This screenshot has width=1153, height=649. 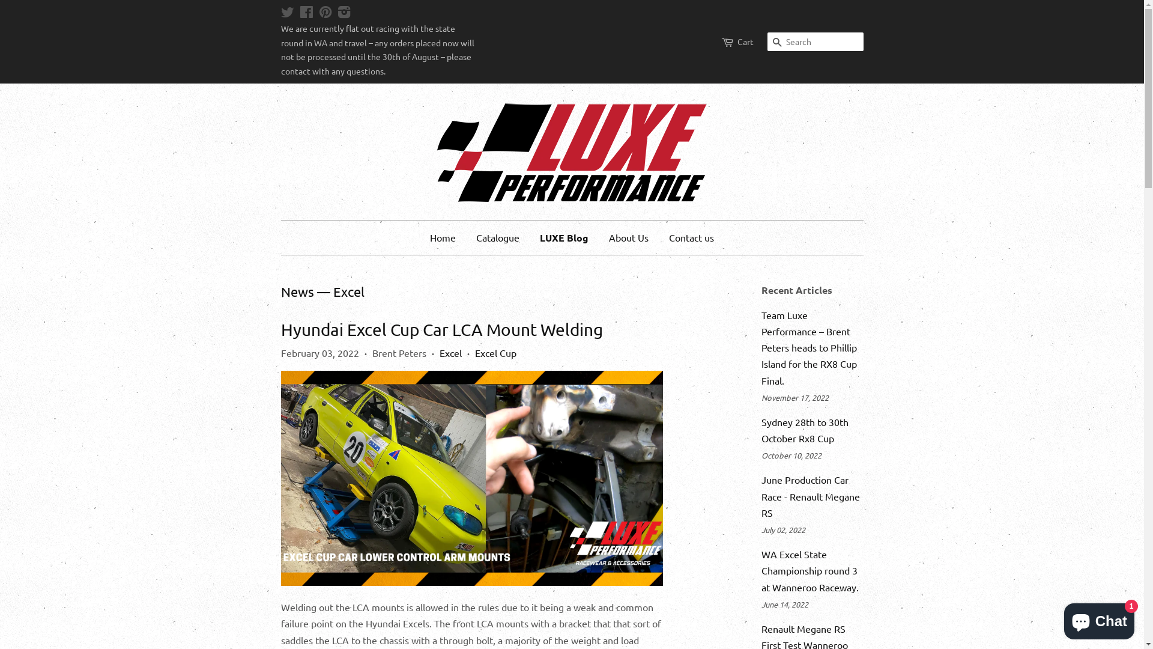 What do you see at coordinates (563, 237) in the screenshot?
I see `'LUXE Blog'` at bounding box center [563, 237].